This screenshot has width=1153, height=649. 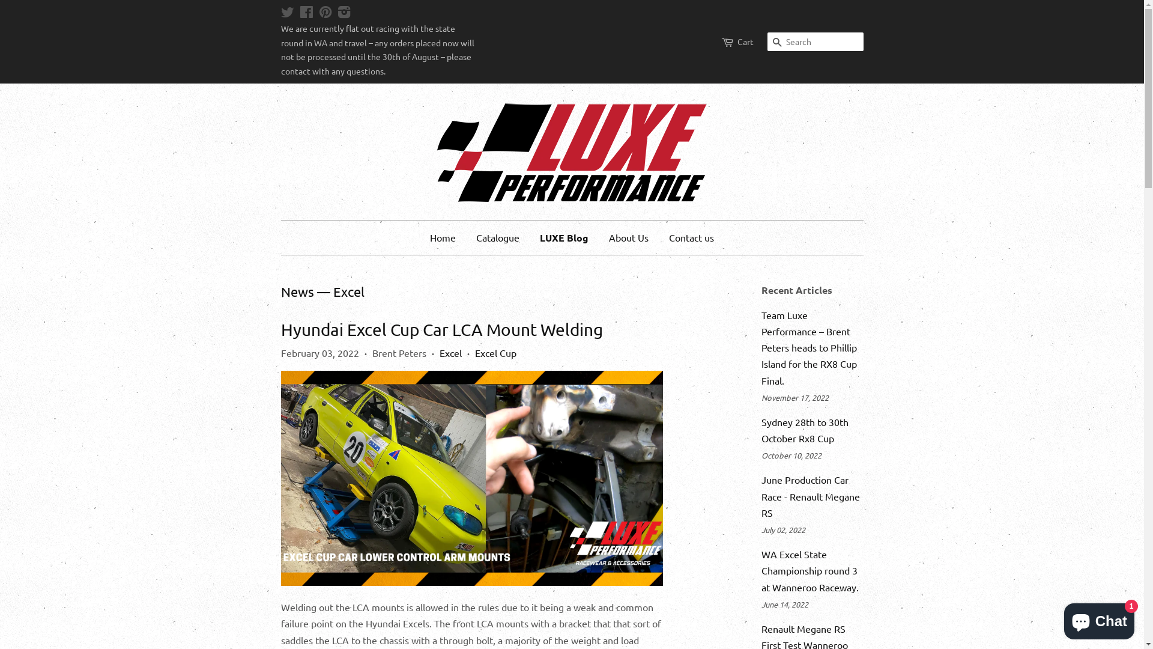 What do you see at coordinates (563, 237) in the screenshot?
I see `'LUXE Blog'` at bounding box center [563, 237].